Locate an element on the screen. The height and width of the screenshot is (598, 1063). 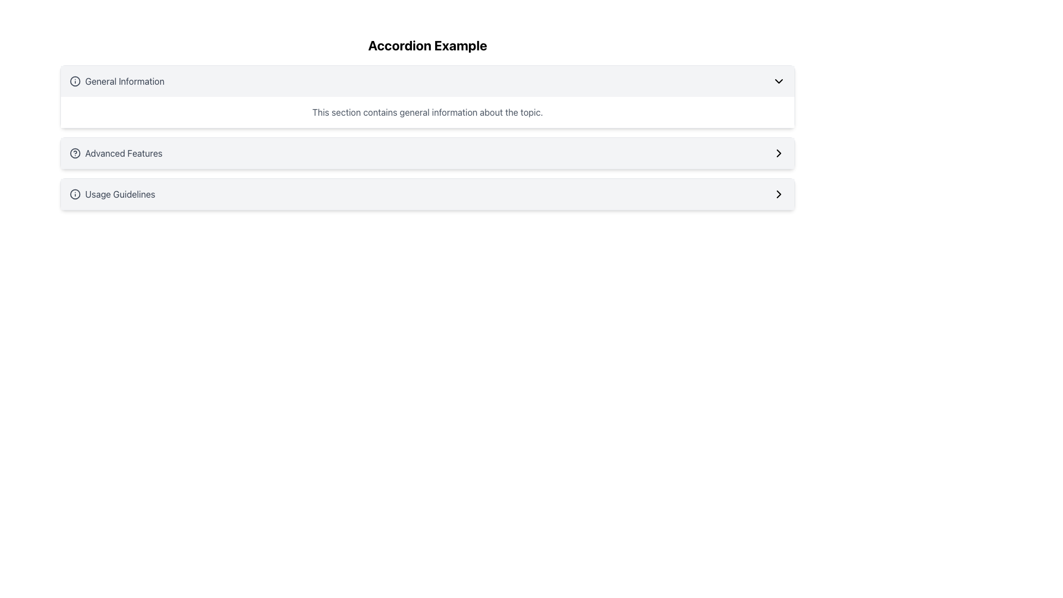
the circular help icon located to the left of the 'Advanced Features' text is located at coordinates (74, 153).